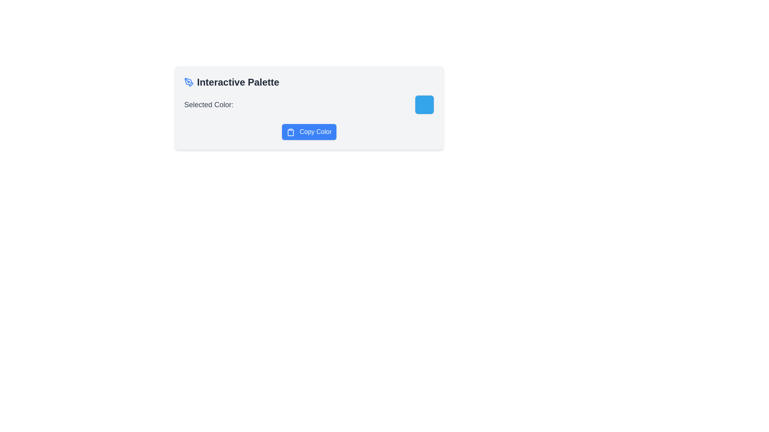  What do you see at coordinates (309, 104) in the screenshot?
I see `the Informational display element labeled 'Selected Color:' which includes a blue color preview box` at bounding box center [309, 104].